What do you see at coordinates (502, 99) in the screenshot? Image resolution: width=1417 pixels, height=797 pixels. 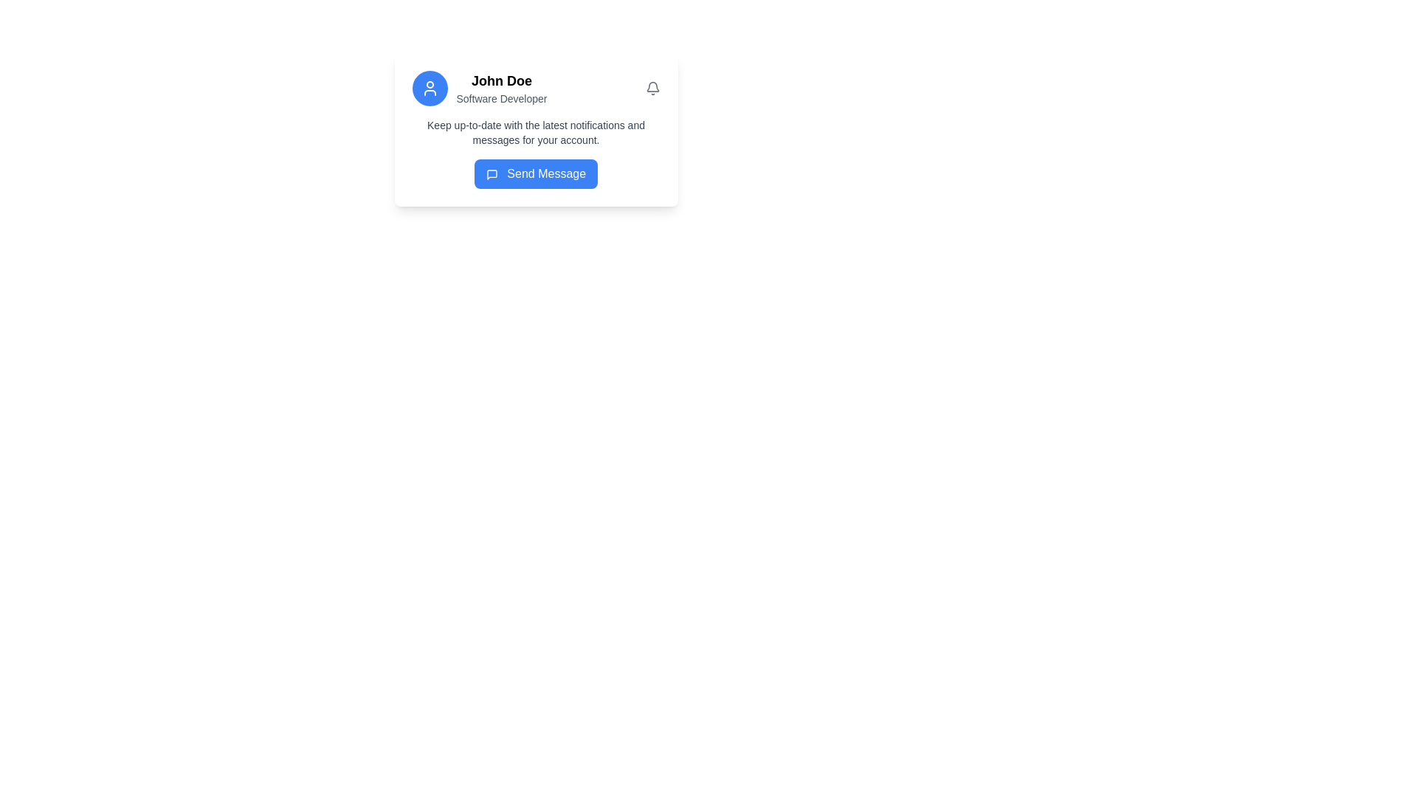 I see `the text label that describes the person's occupation or role, positioned directly beneath the 'John Doe' text in the card layout` at bounding box center [502, 99].